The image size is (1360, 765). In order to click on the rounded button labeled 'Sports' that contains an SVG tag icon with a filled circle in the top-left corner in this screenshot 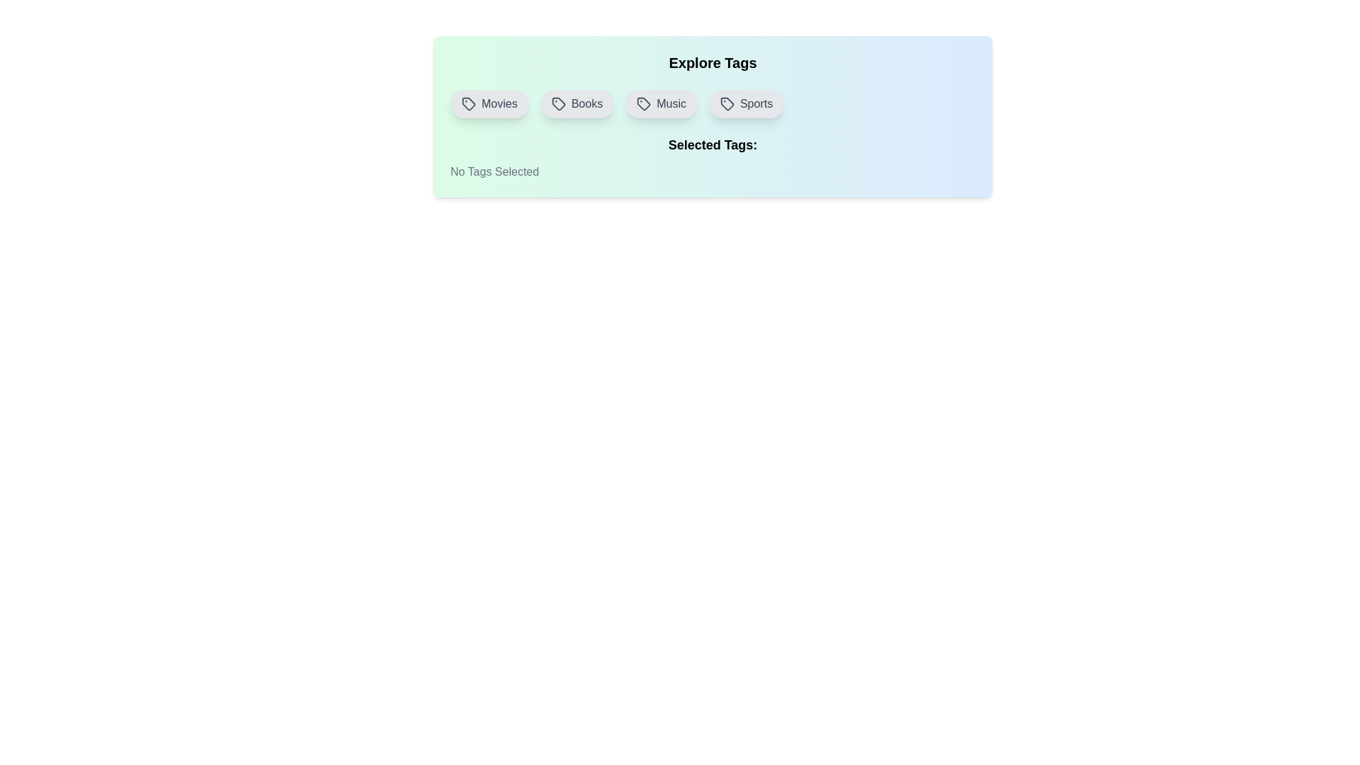, I will do `click(727, 103)`.